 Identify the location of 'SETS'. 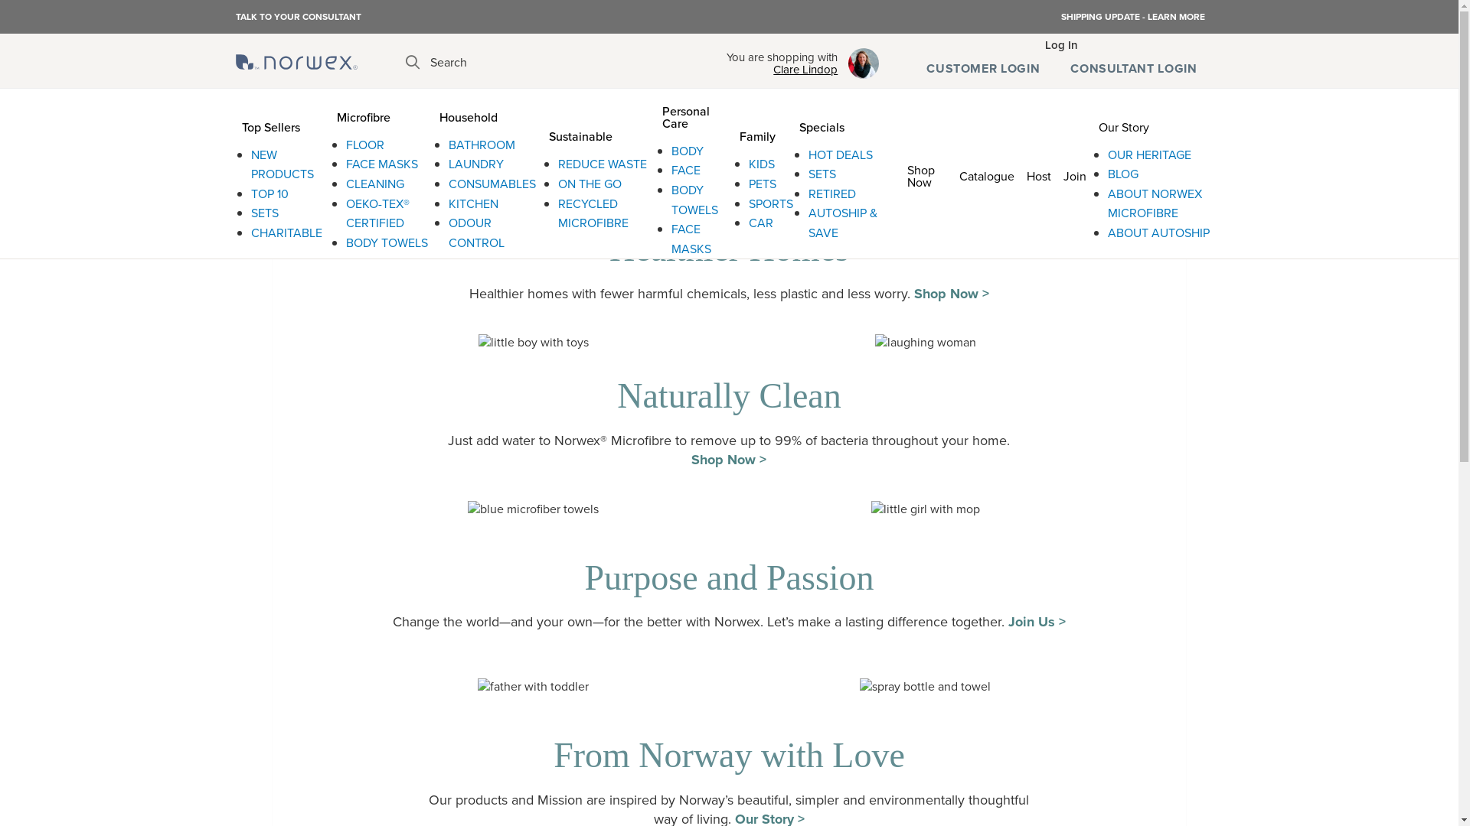
(264, 213).